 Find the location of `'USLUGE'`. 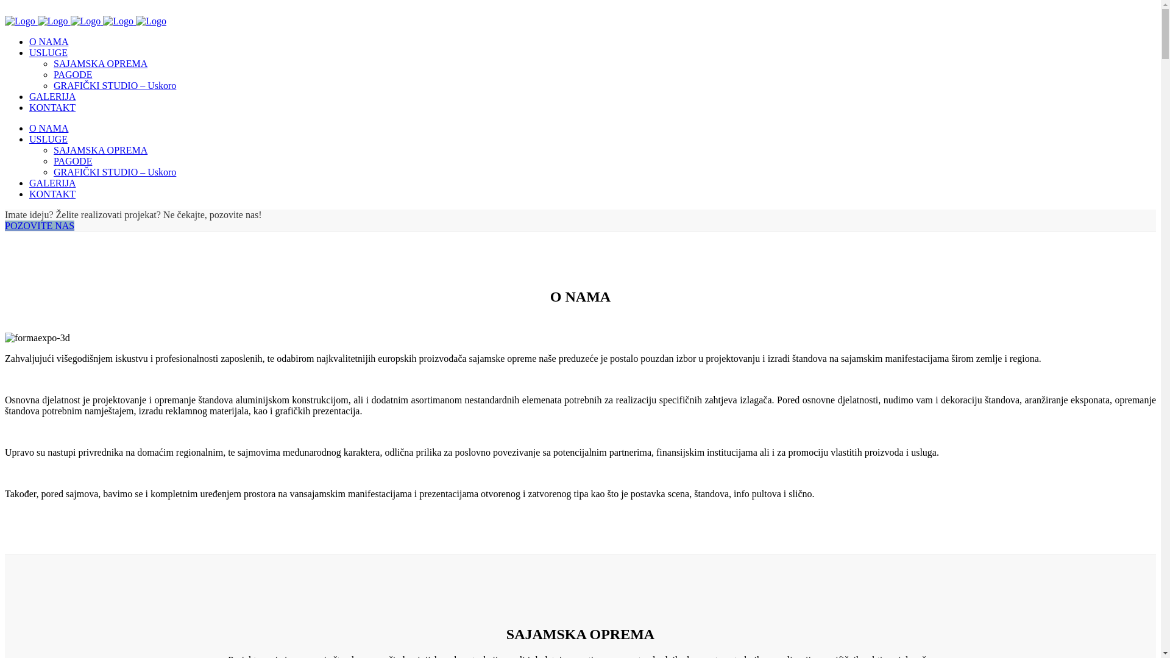

'USLUGE' is located at coordinates (48, 138).